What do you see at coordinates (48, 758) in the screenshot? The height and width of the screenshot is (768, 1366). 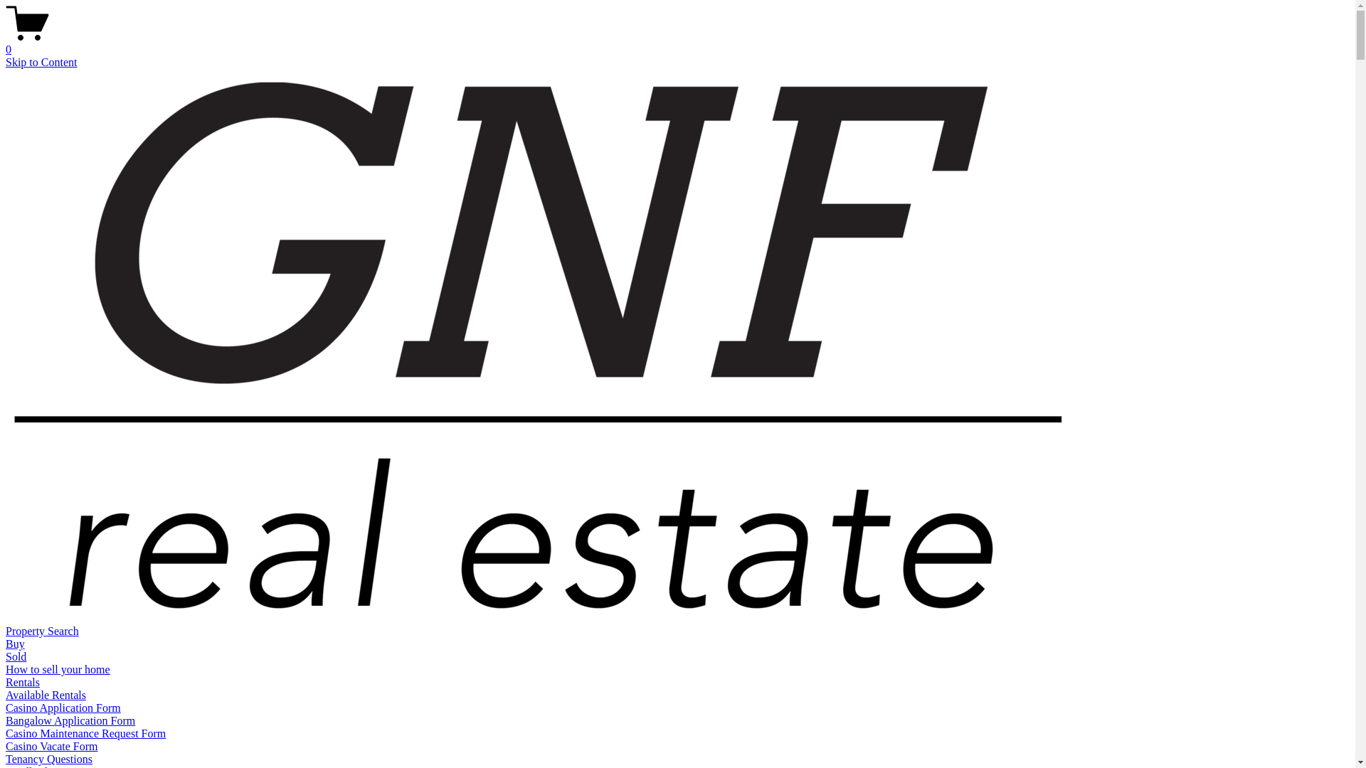 I see `'Tenancy Questions'` at bounding box center [48, 758].